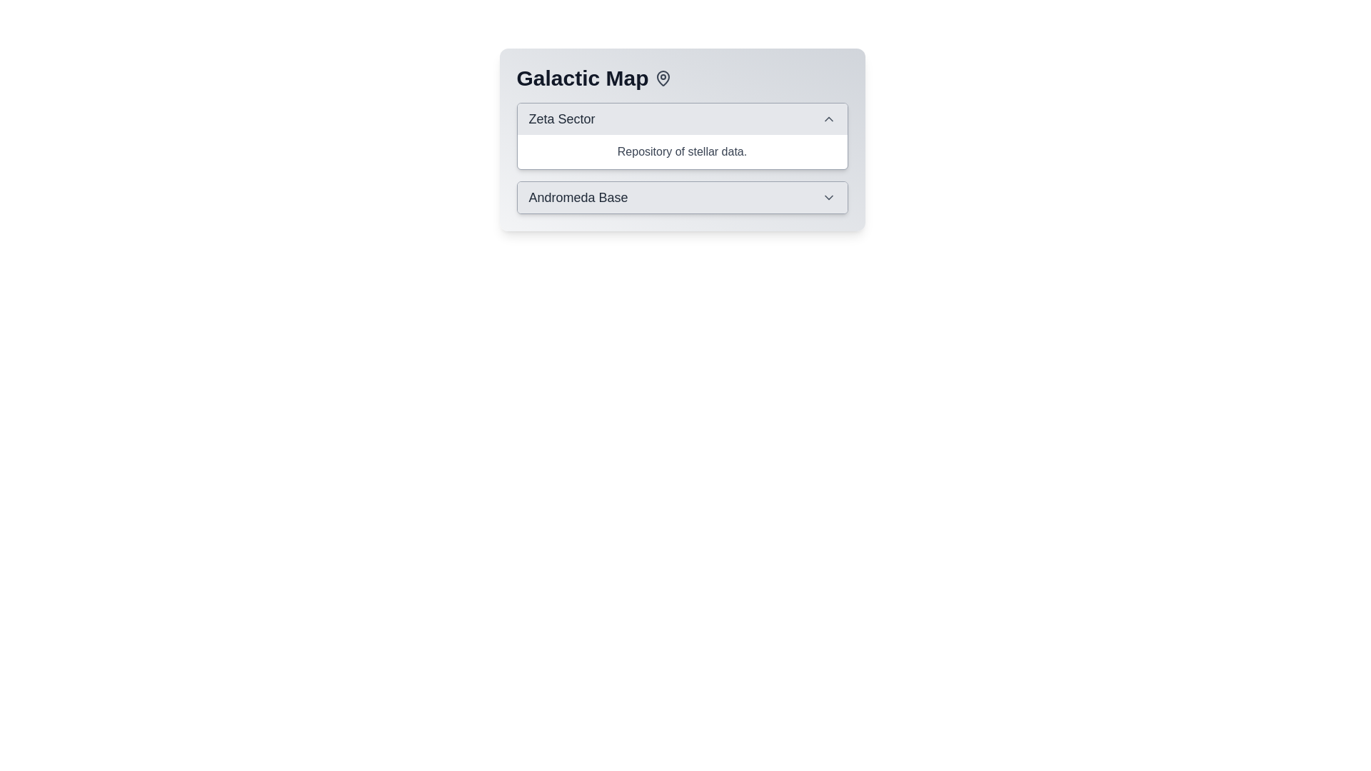 The height and width of the screenshot is (771, 1371). Describe the element at coordinates (681, 140) in the screenshot. I see `the informational panel that displays details about Zeta Sector and Andromeda Base` at that location.